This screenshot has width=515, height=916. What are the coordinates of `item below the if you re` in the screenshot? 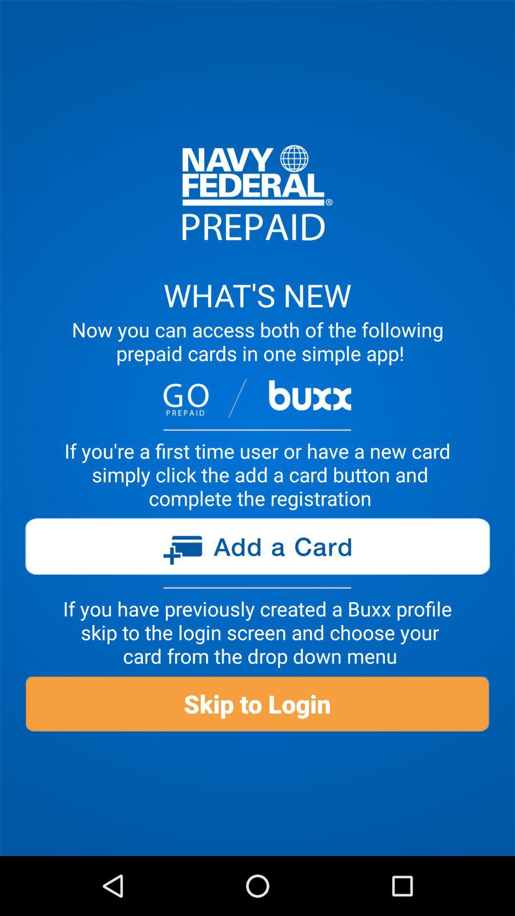 It's located at (257, 550).